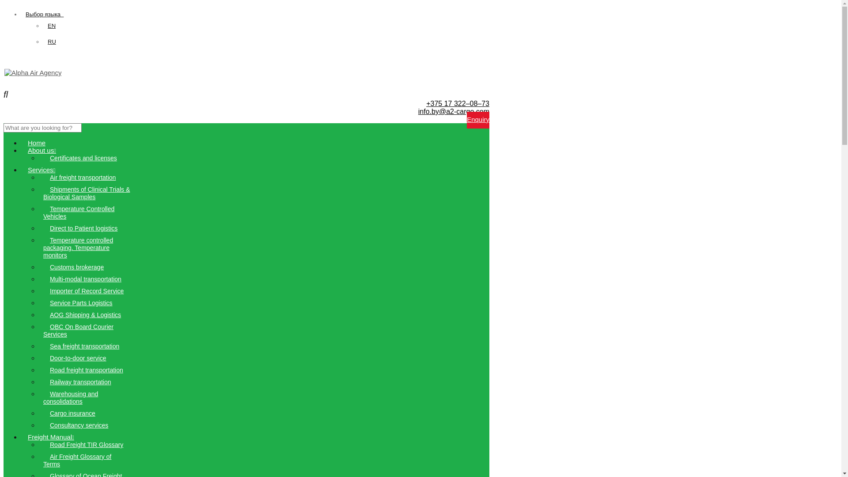 The width and height of the screenshot is (848, 477). What do you see at coordinates (83, 177) in the screenshot?
I see `'Air freight transportation'` at bounding box center [83, 177].